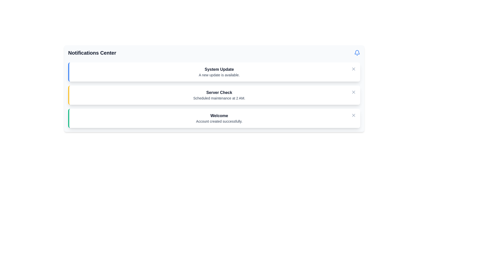  I want to click on the dismissal 'X' icon located at the far right of the bottom notification entry labeled 'Welcome', so click(353, 115).